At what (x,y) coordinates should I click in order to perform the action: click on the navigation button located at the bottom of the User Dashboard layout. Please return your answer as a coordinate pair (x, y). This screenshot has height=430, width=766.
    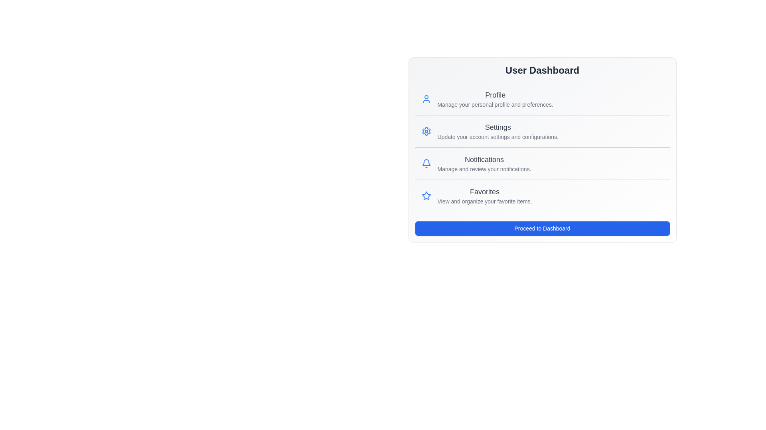
    Looking at the image, I should click on (542, 229).